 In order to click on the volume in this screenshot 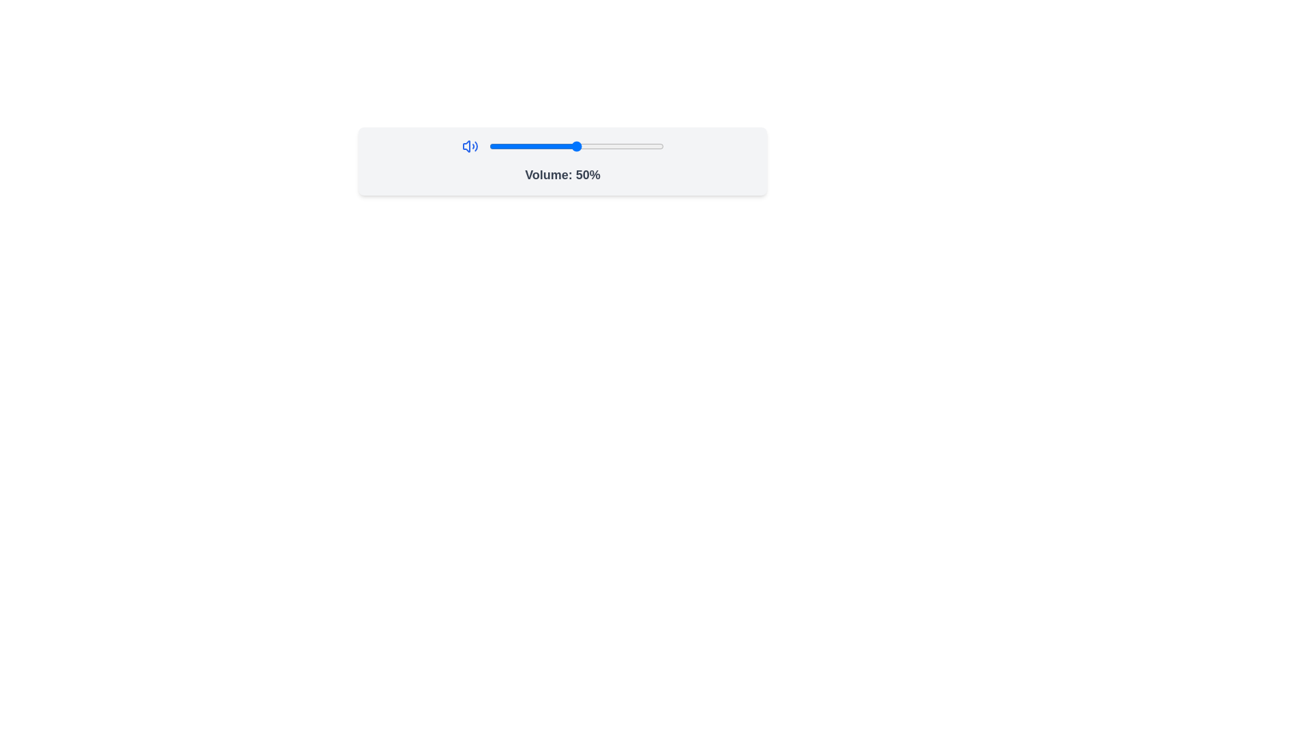, I will do `click(506, 147)`.